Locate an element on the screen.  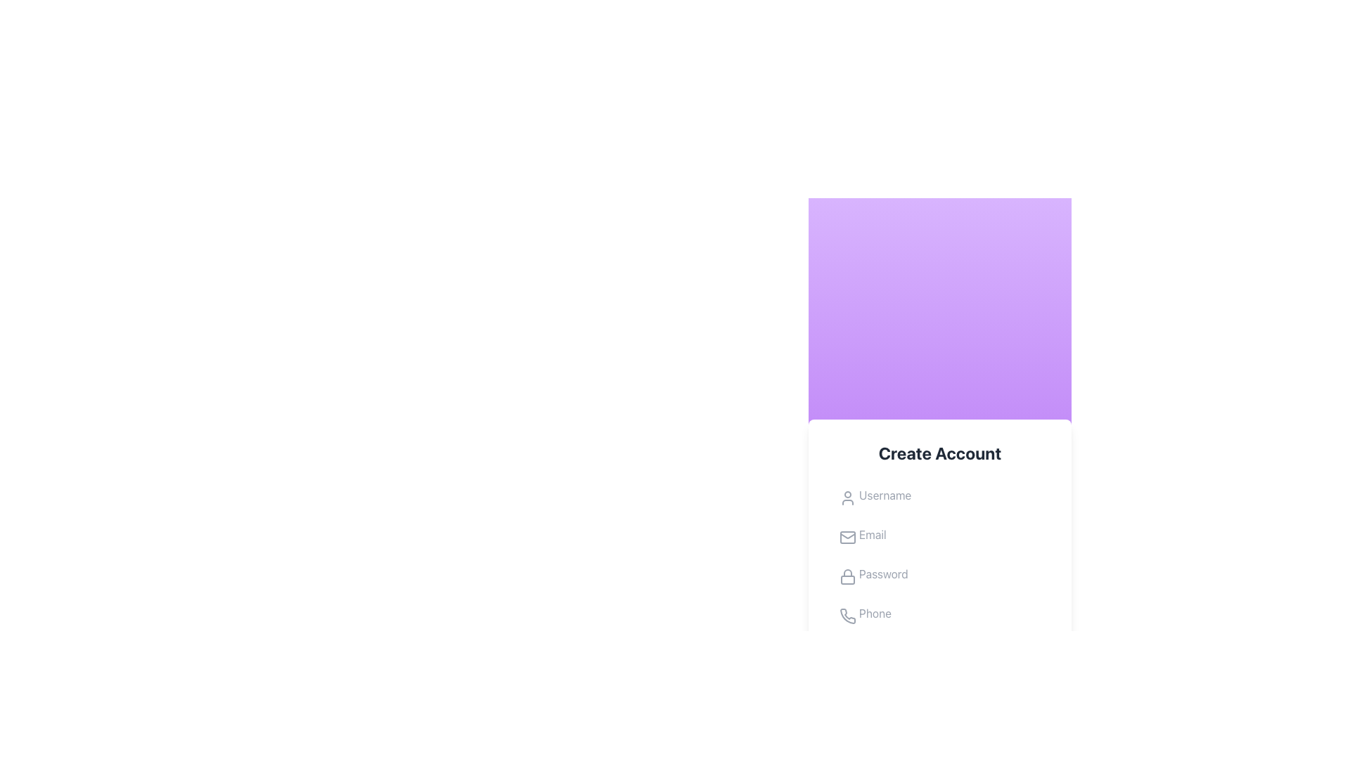
the non-interactive graphical lock icon located next to the 'Password' label in the form interface, specifically targeting the bottom rectangular portion of the padlock is located at coordinates (847, 580).